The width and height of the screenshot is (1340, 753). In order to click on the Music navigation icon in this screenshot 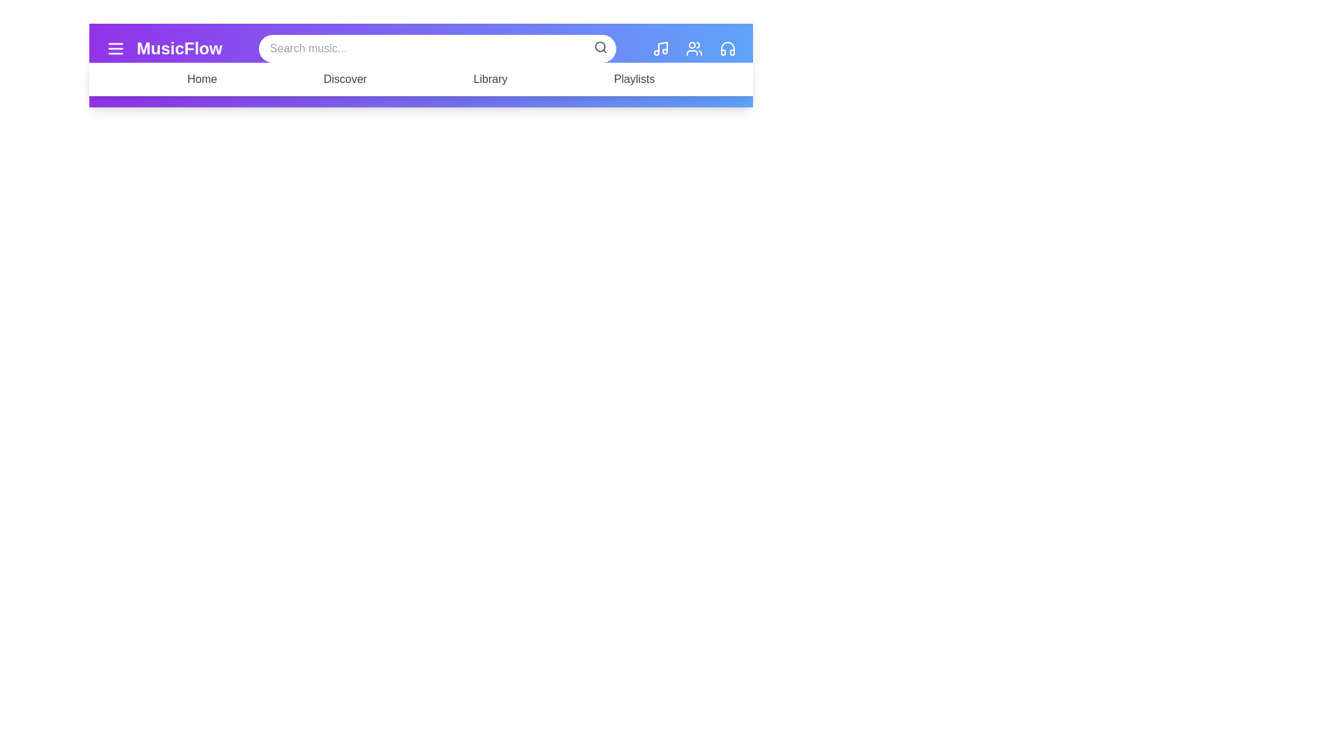, I will do `click(660, 47)`.